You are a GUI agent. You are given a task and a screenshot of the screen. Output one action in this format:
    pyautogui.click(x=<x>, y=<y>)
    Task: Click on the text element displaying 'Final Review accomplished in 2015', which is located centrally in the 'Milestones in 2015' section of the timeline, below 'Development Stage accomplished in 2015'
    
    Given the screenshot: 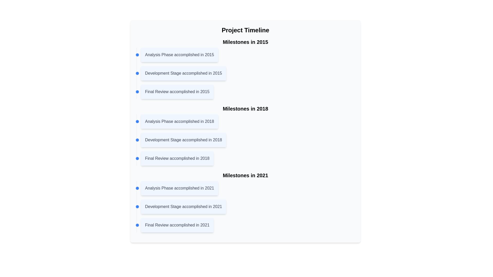 What is the action you would take?
    pyautogui.click(x=177, y=92)
    